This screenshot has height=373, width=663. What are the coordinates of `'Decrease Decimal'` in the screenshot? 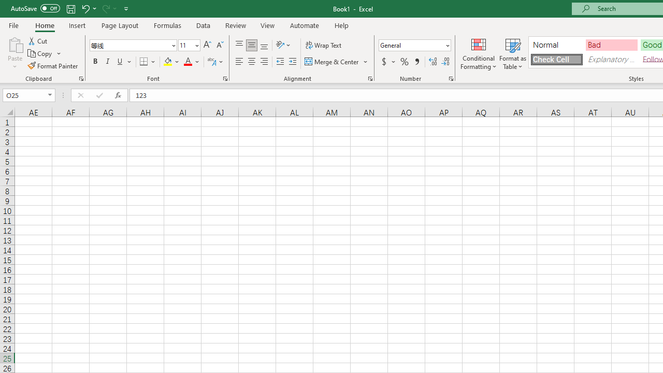 It's located at (445, 62).